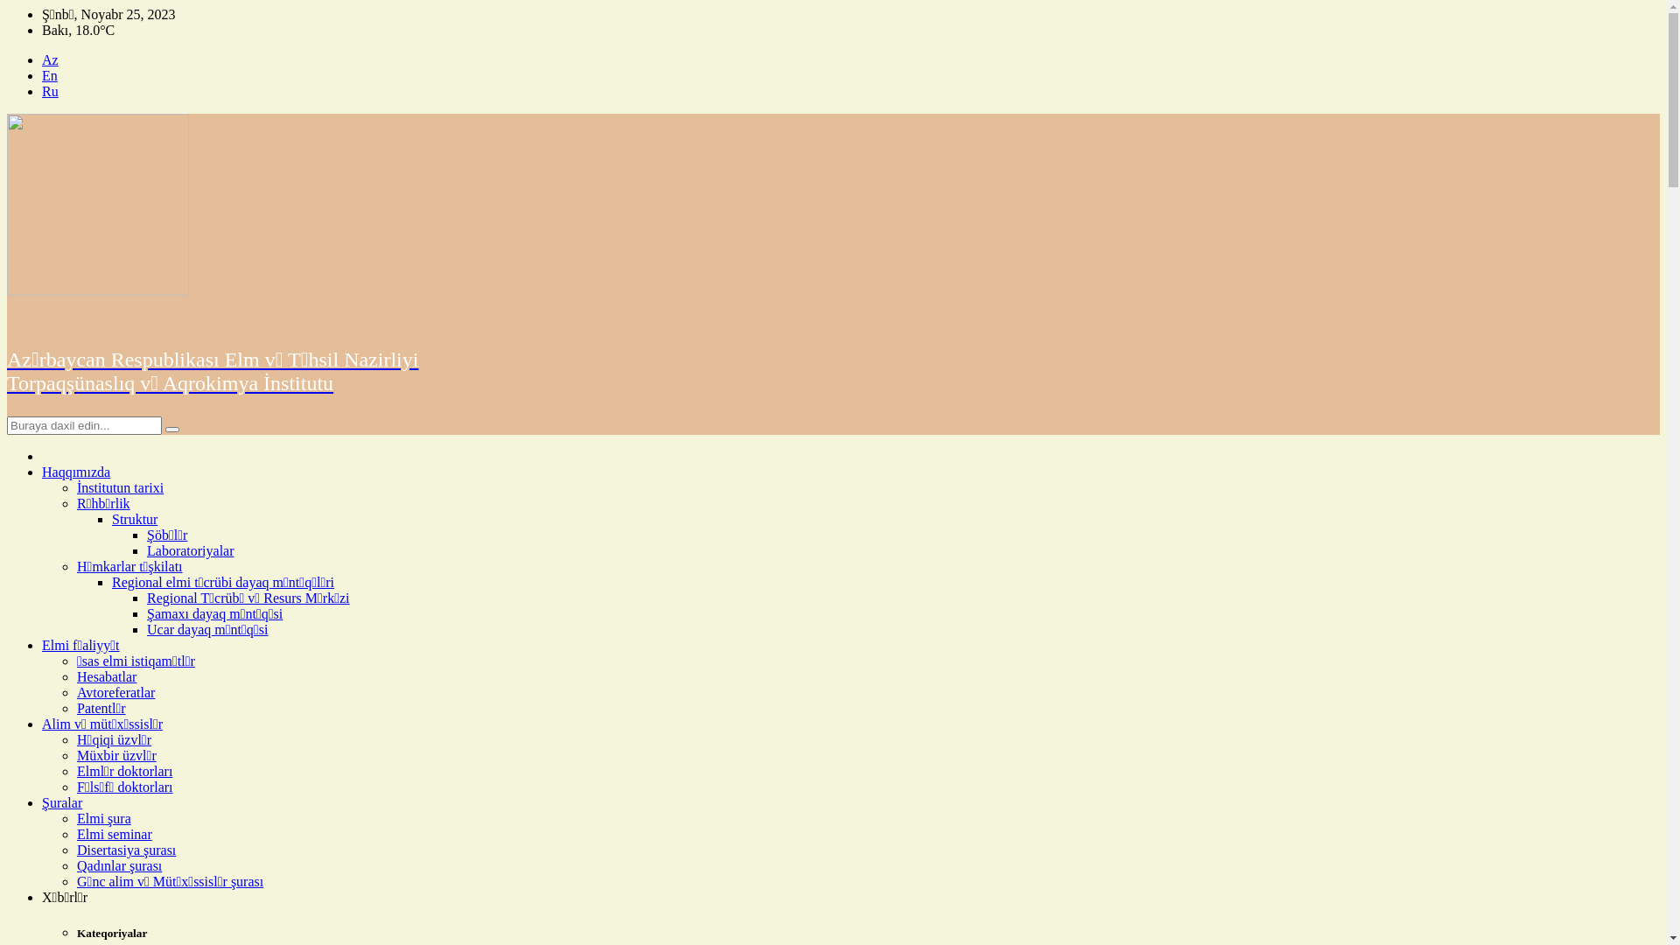 Image resolution: width=1680 pixels, height=945 pixels. What do you see at coordinates (190, 549) in the screenshot?
I see `'Laboratoriyalar'` at bounding box center [190, 549].